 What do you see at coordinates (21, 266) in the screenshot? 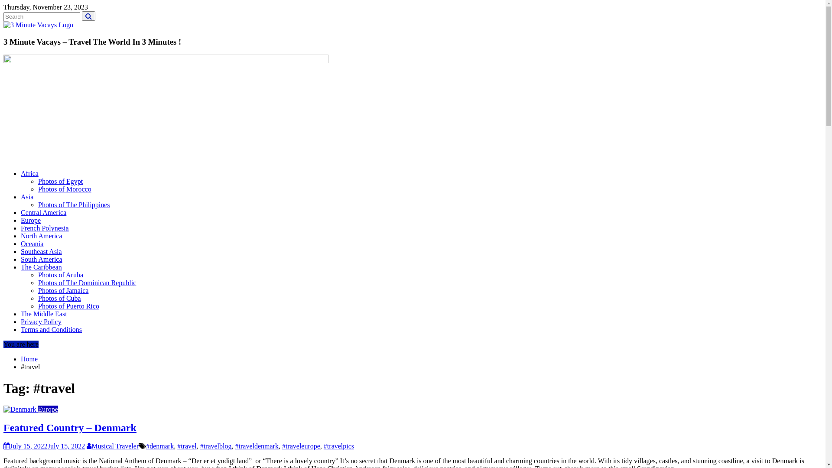
I see `'The Caribbean'` at bounding box center [21, 266].